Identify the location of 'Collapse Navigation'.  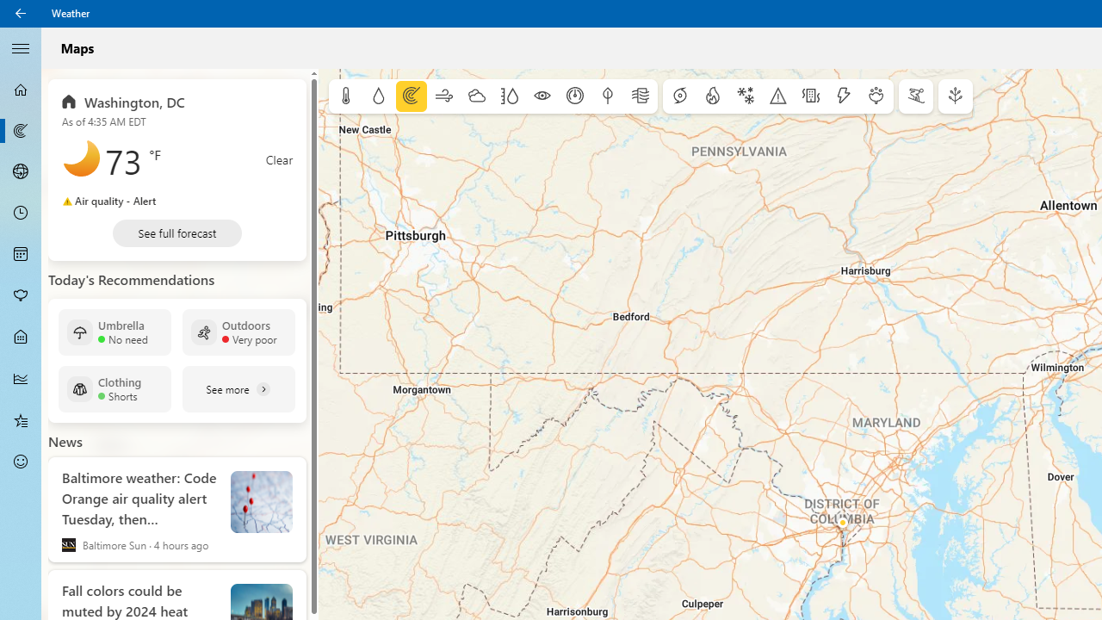
(21, 46).